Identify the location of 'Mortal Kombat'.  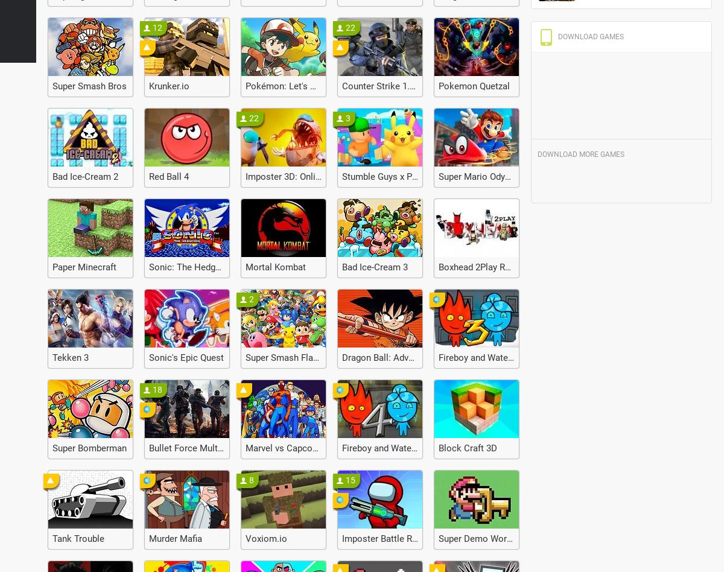
(275, 267).